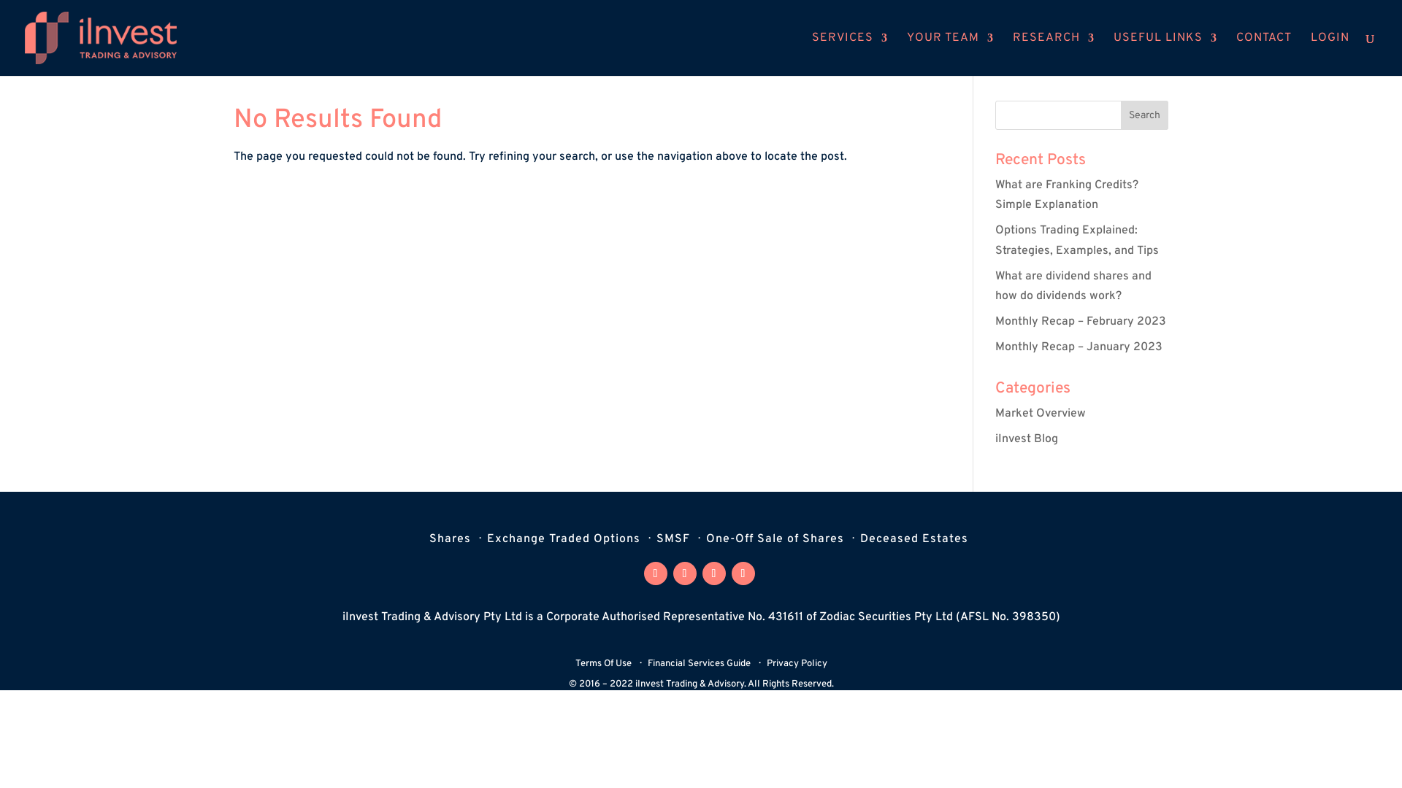  What do you see at coordinates (1113, 53) in the screenshot?
I see `'USEFUL LINKS'` at bounding box center [1113, 53].